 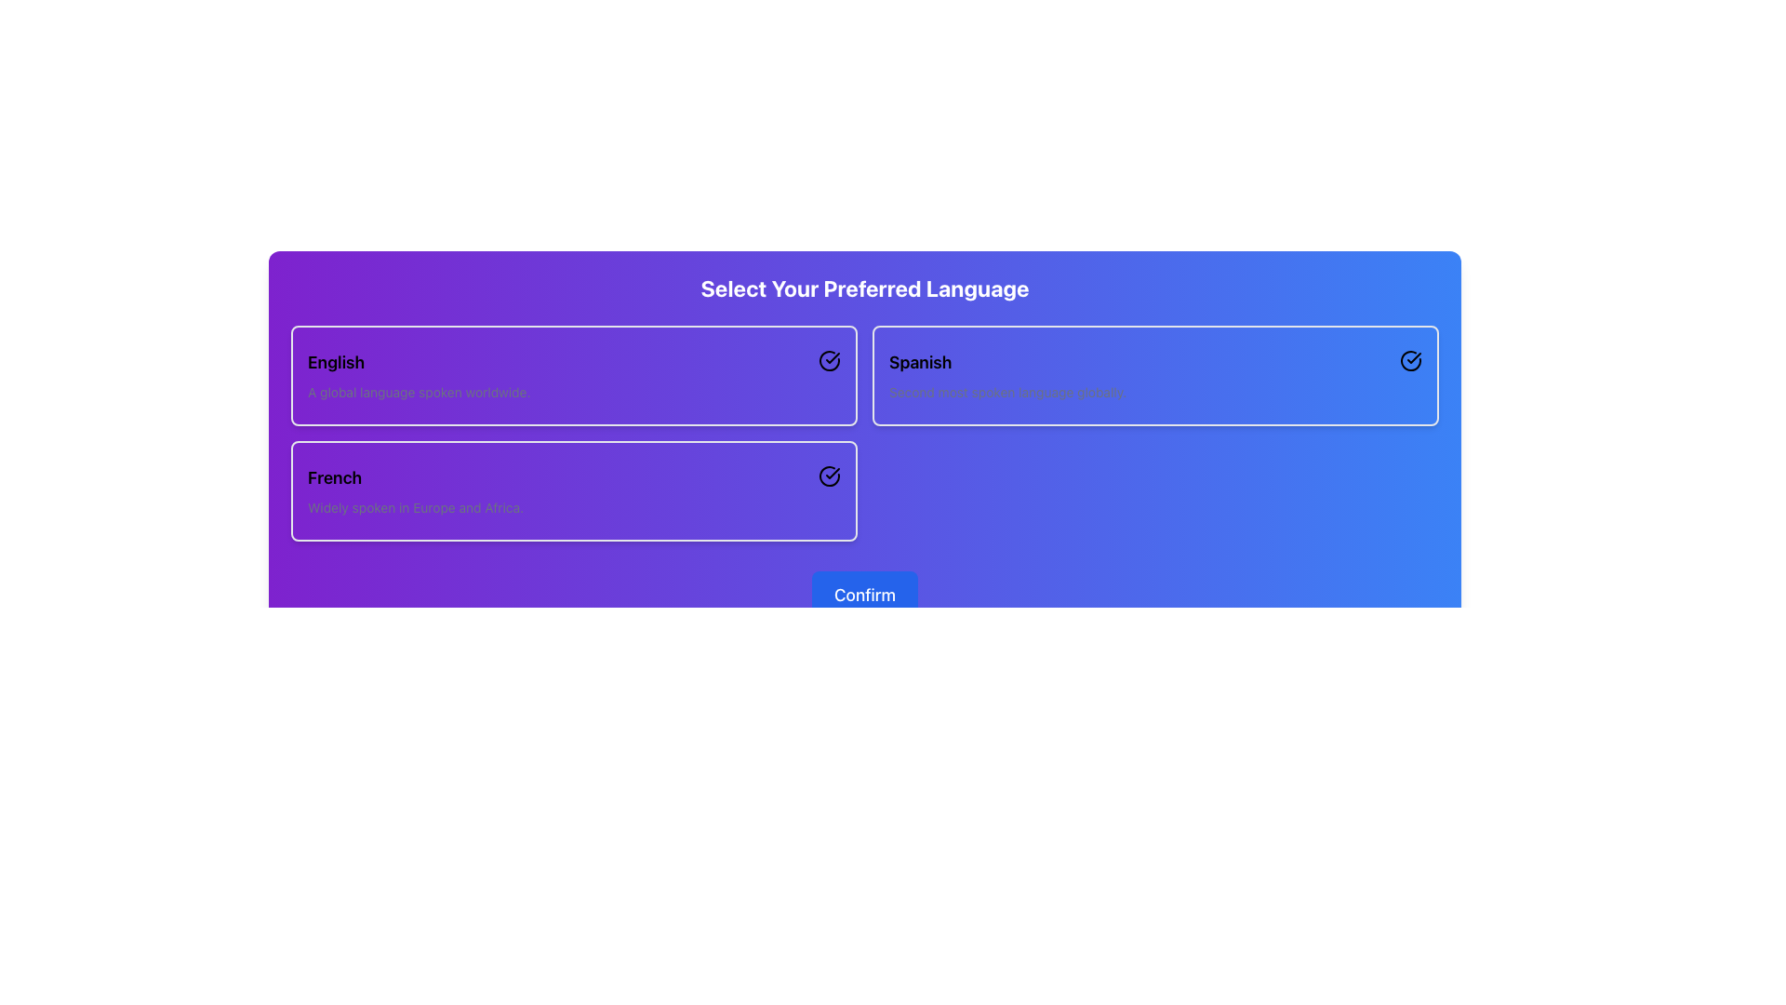 I want to click on the text label displaying 'Second most spoken language globally.' which is located below the 'Spanish' text in a bordered selection card on a blue-to-purple gradient background, so click(x=1006, y=391).